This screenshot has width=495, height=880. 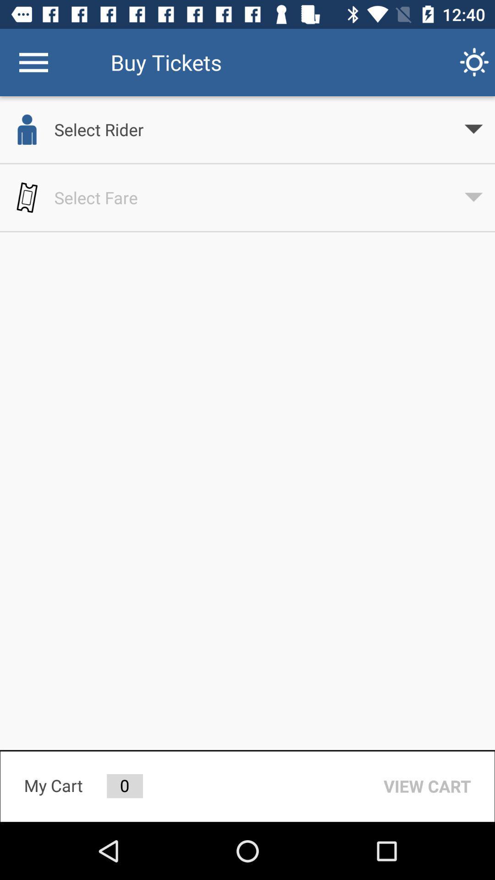 I want to click on item to the right of buy tickets, so click(x=474, y=62).